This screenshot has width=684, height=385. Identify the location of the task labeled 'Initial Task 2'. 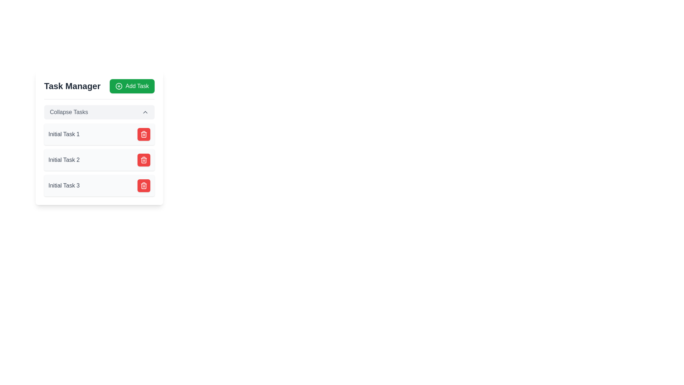
(99, 159).